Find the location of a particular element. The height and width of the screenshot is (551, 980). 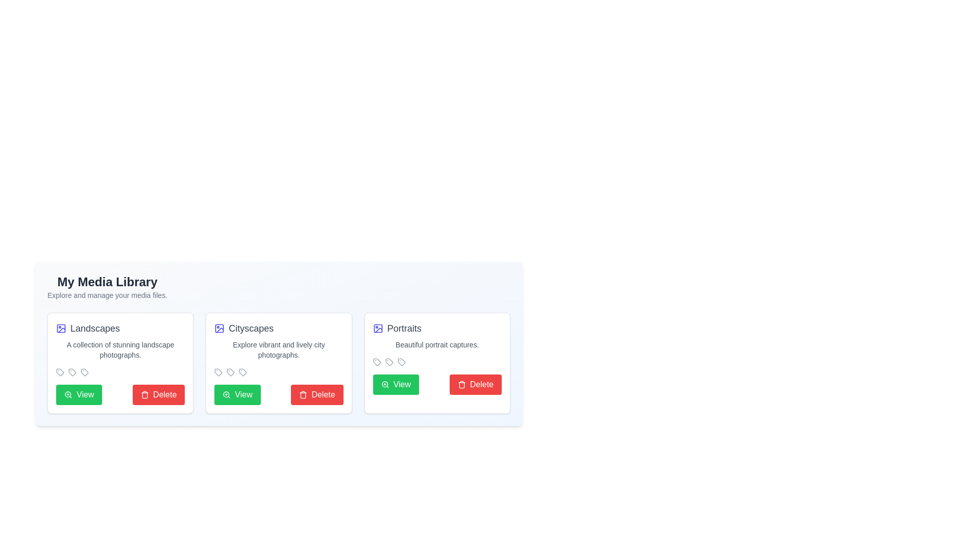

the magnifying icon located in the top-left corner of the 'View' button on the 'Cityscapes' card is located at coordinates (226, 394).